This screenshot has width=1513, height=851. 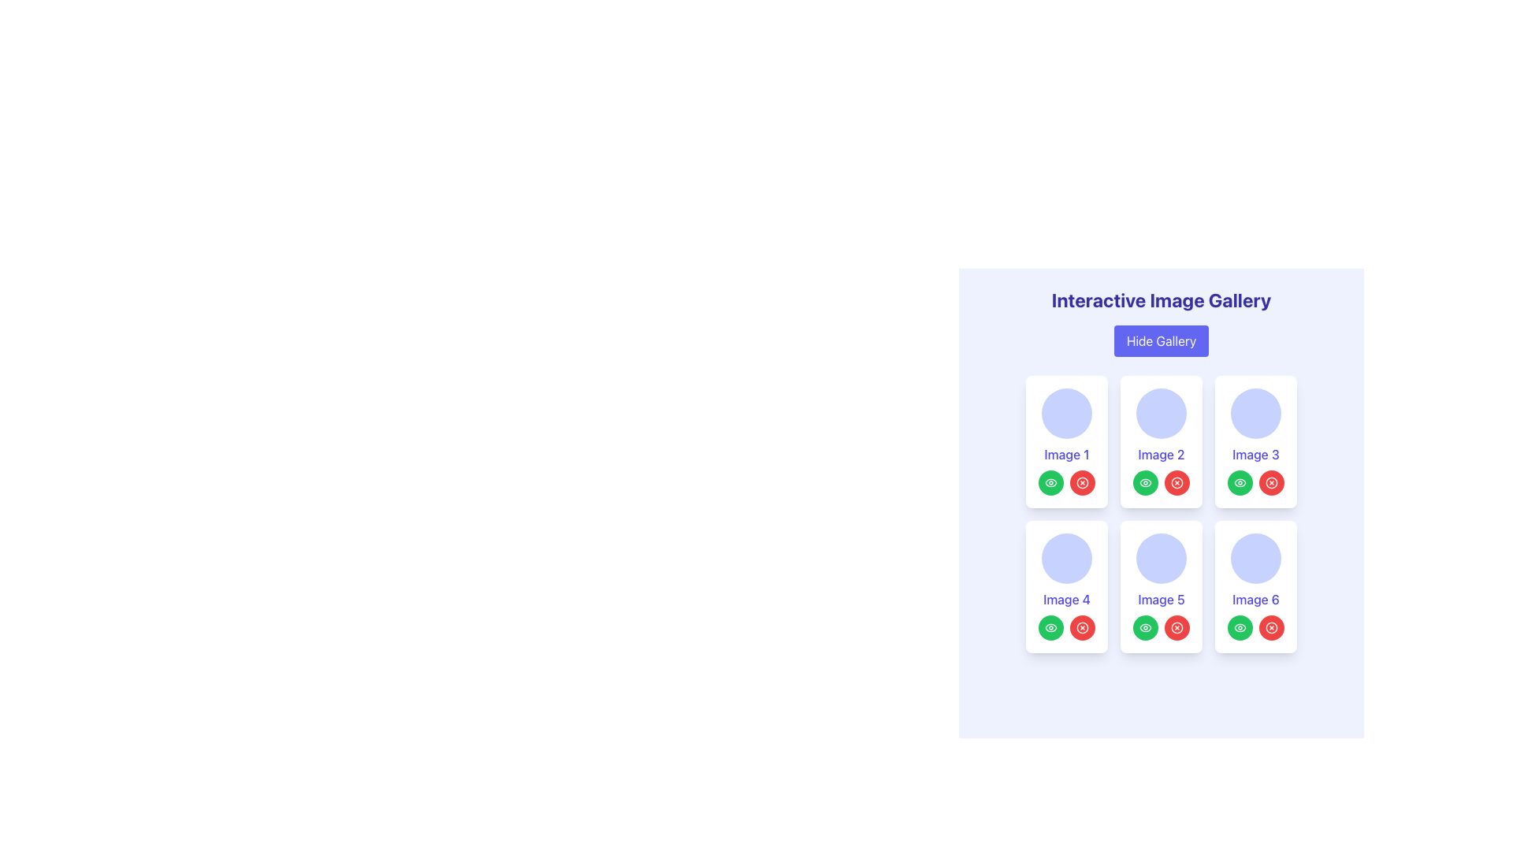 I want to click on the button located in the bottom left corner of the card for 'Image 1' in the interactive image gallery, so click(x=1051, y=482).